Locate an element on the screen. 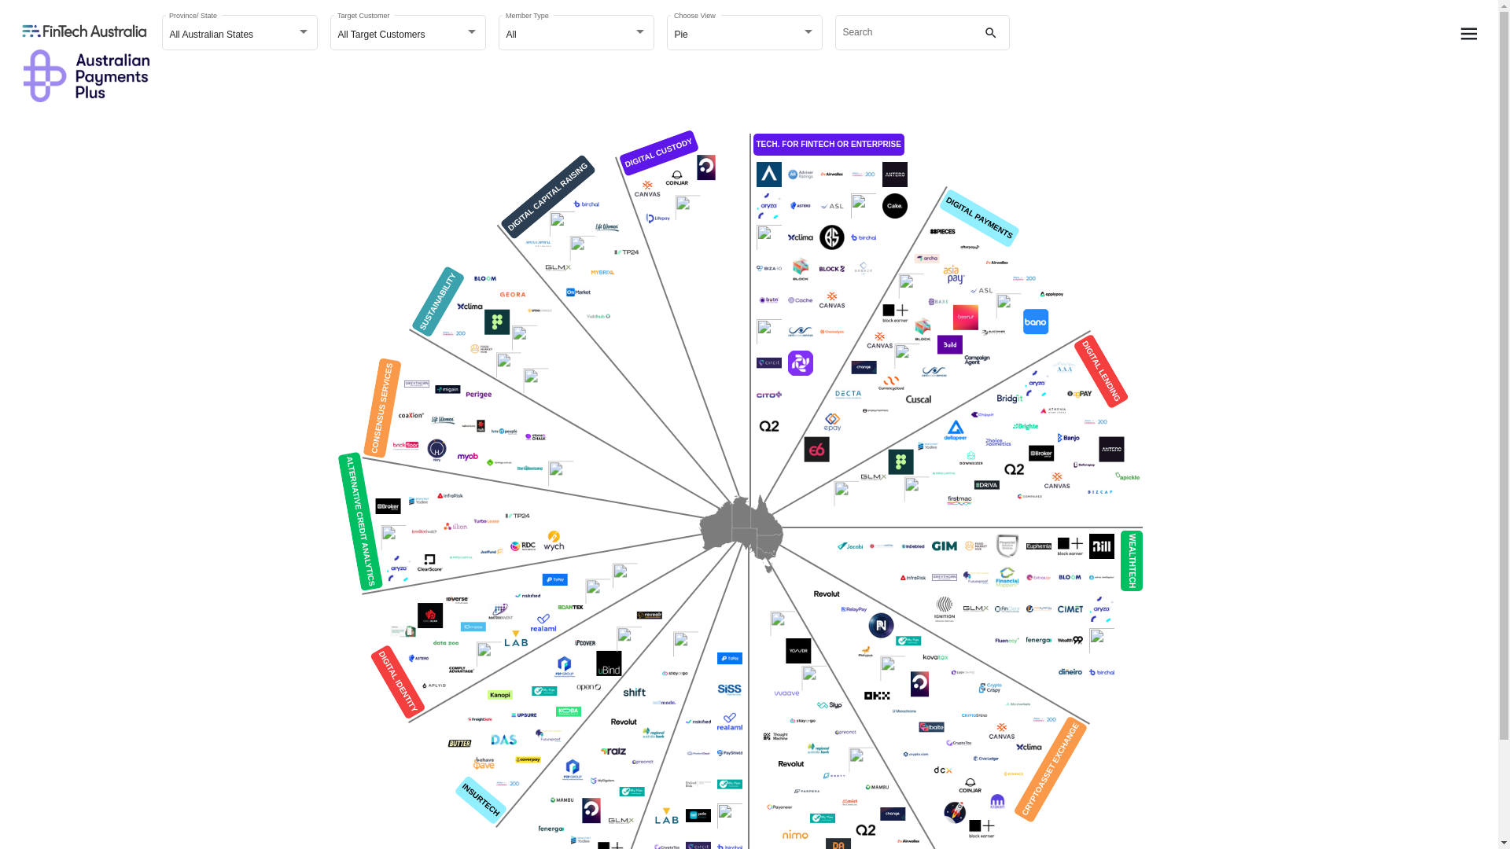 This screenshot has width=1510, height=849. 'Relaypay' is located at coordinates (837, 608).